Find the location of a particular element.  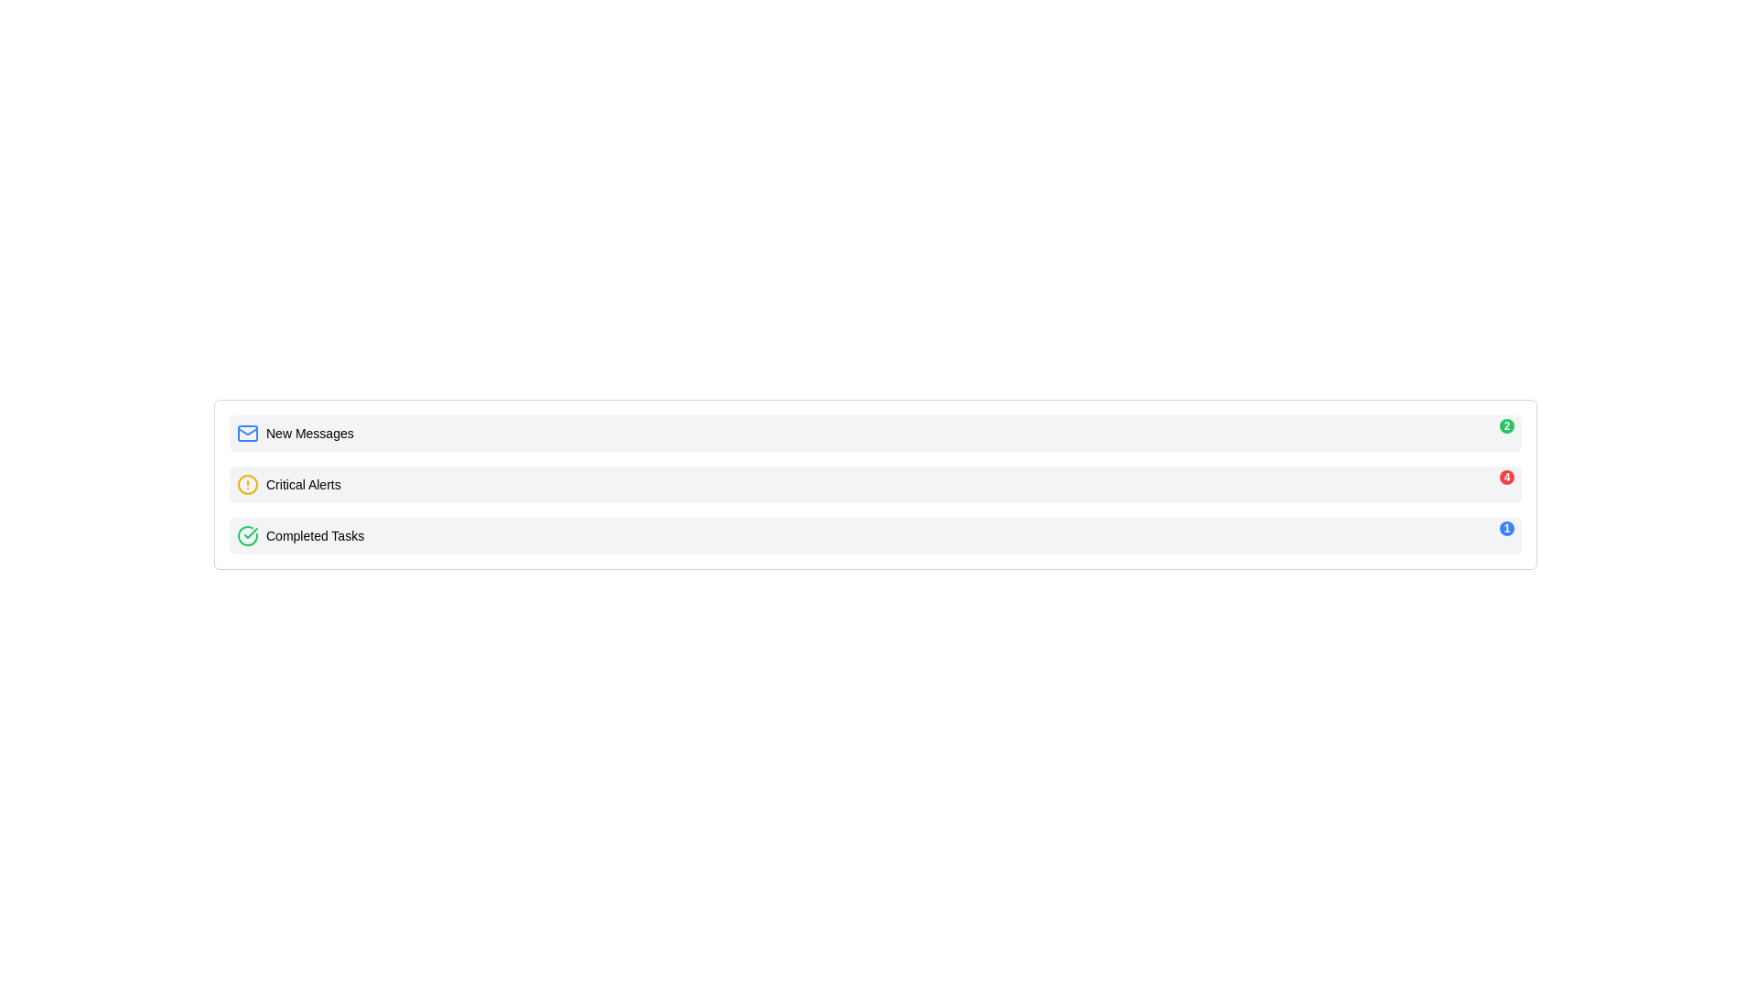

the green circular checkmark icon that indicates a completed task, located to the left of the text 'Completed Tasks' is located at coordinates (246, 535).